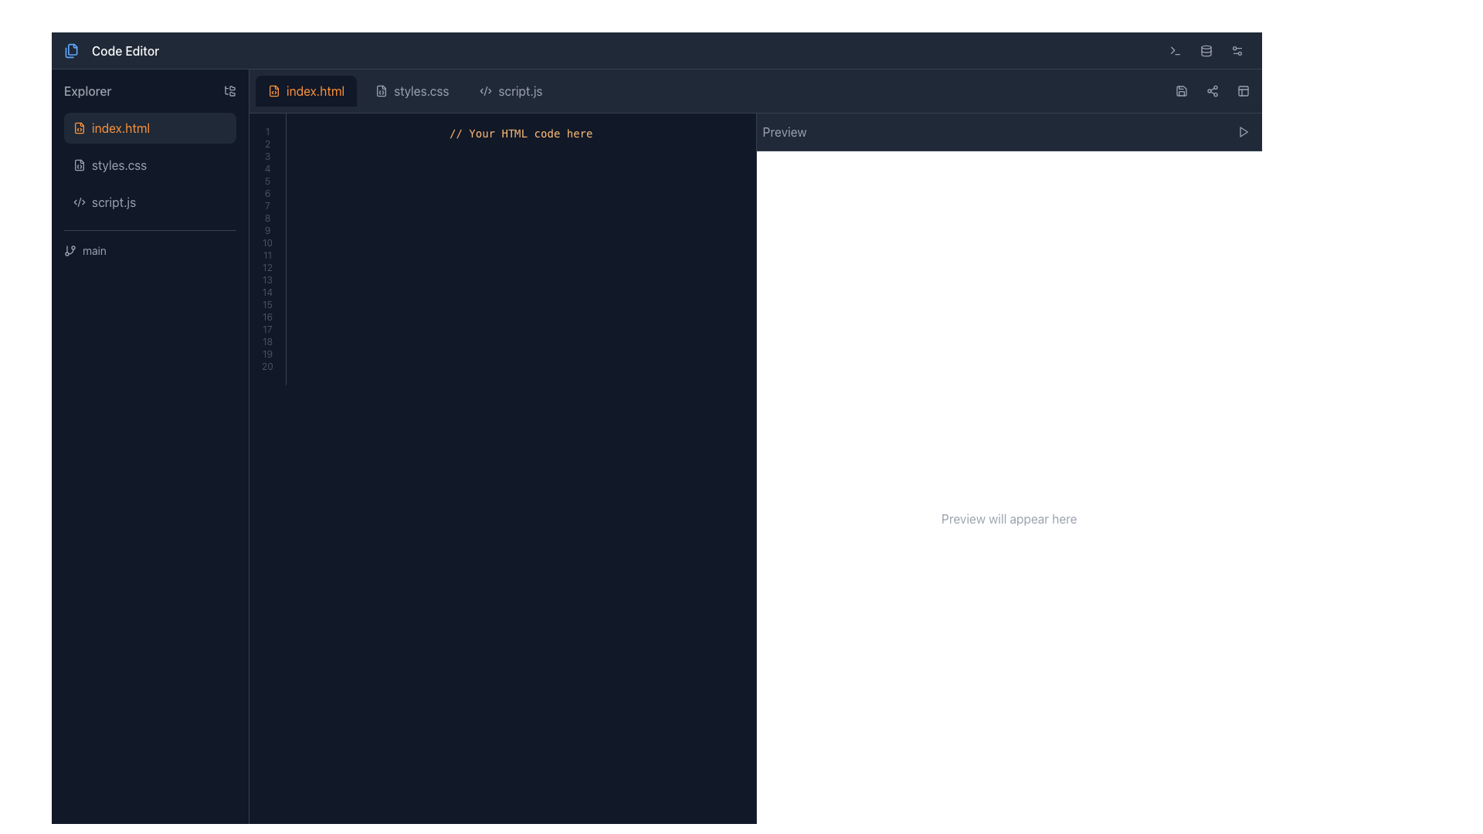  What do you see at coordinates (511, 91) in the screenshot?
I see `the 'script.js' tab, which is the third tab in the navigation bar` at bounding box center [511, 91].